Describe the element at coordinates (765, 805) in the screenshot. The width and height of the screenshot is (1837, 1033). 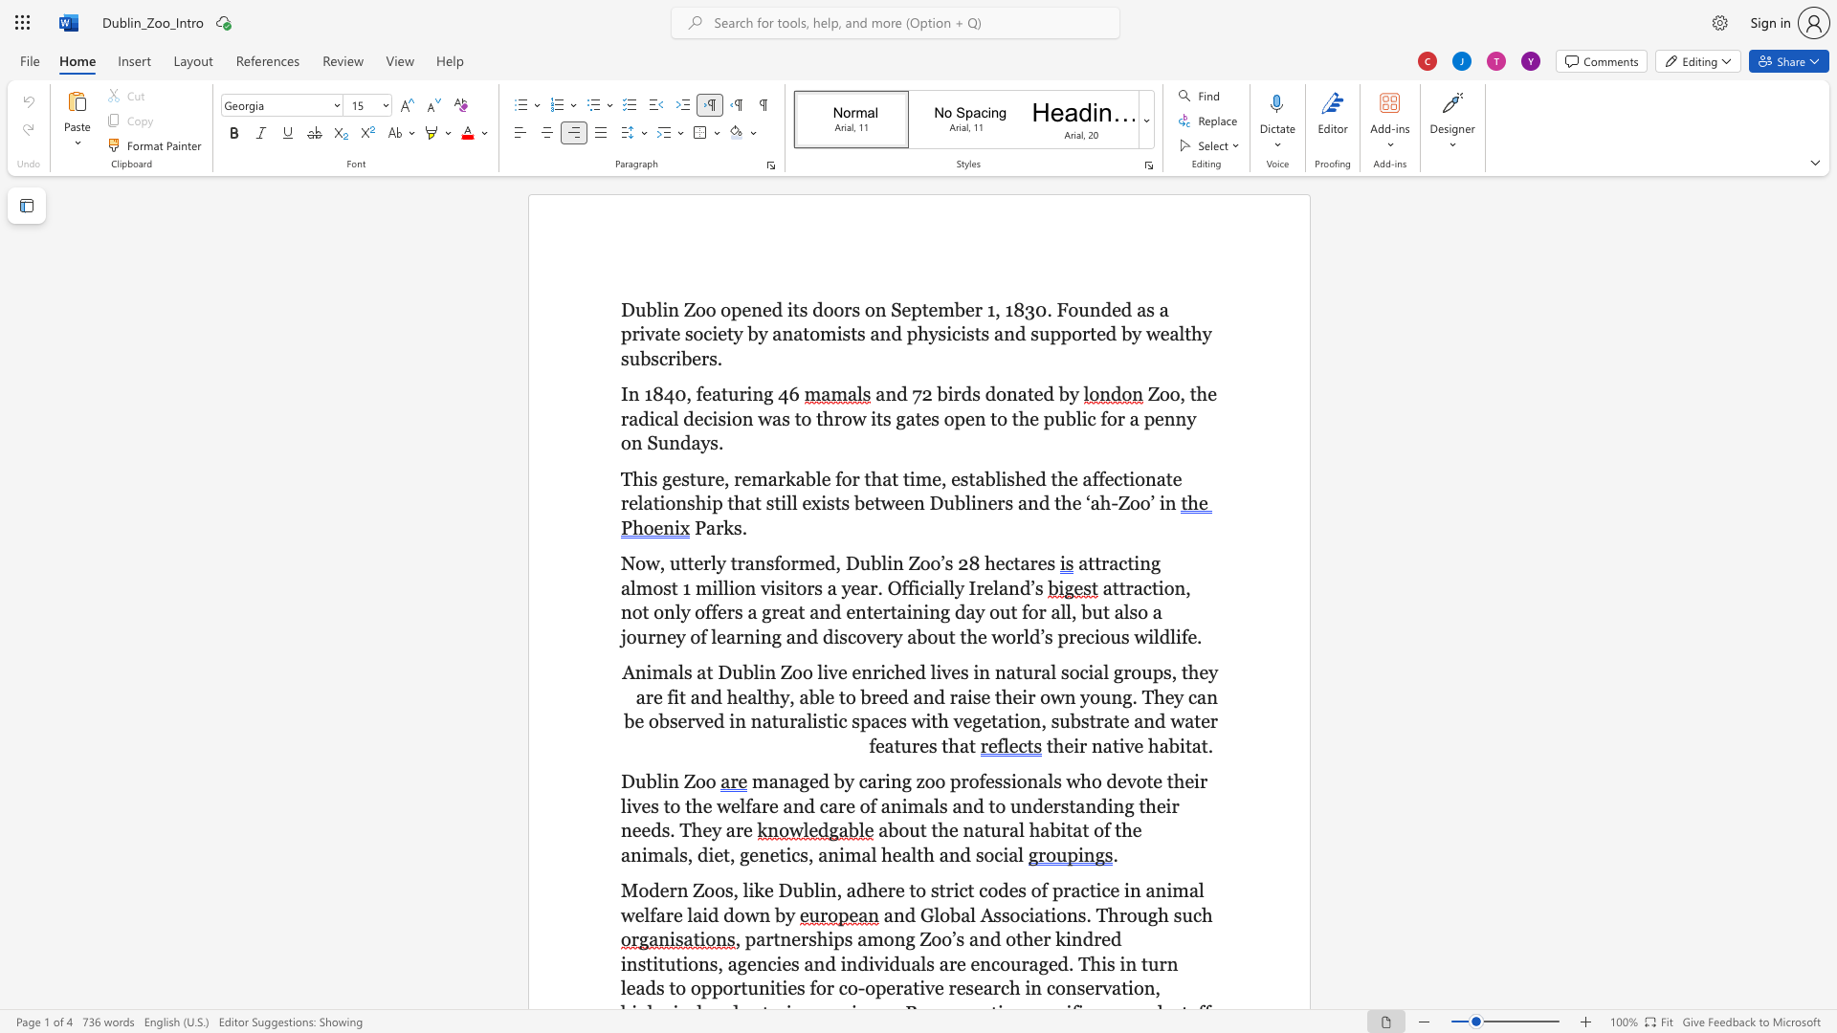
I see `the 4th character "r" in the text` at that location.